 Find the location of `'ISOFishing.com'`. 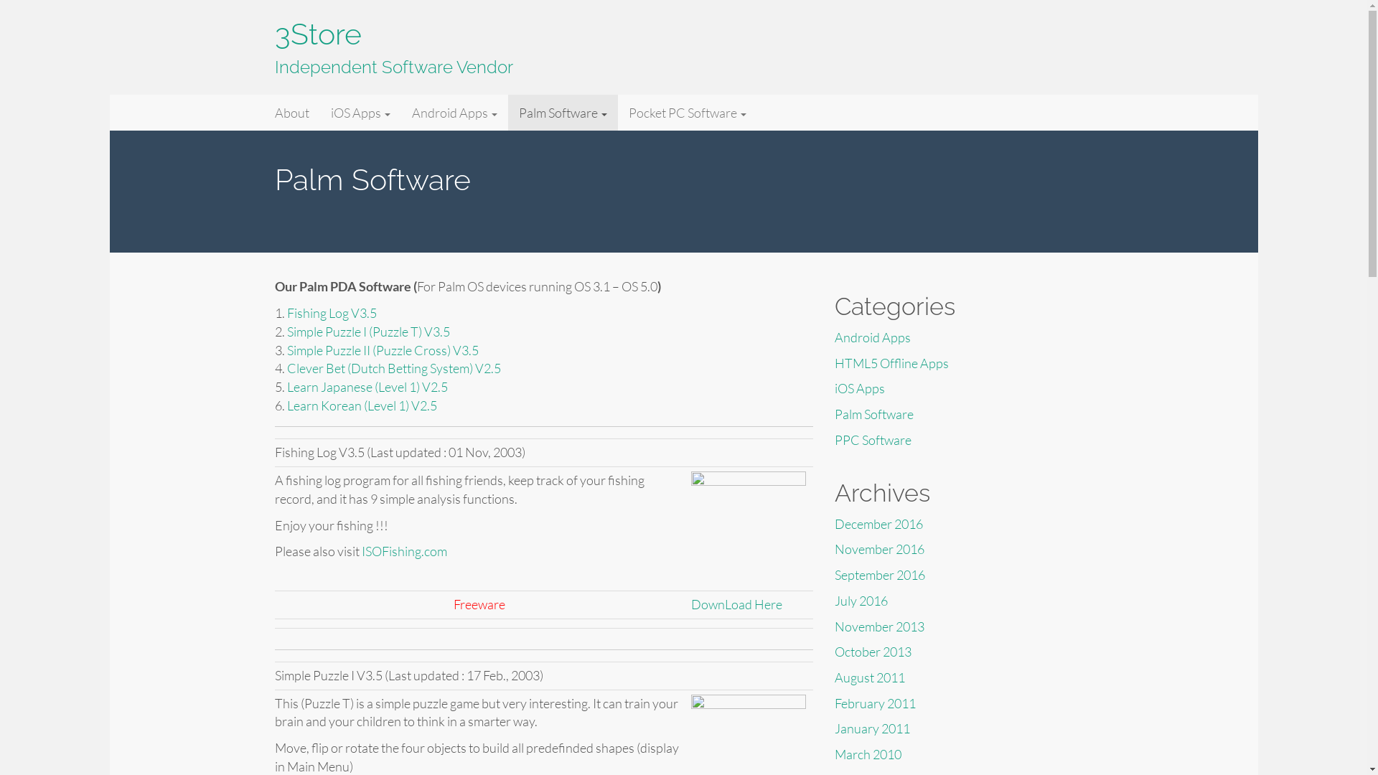

'ISOFishing.com' is located at coordinates (403, 550).